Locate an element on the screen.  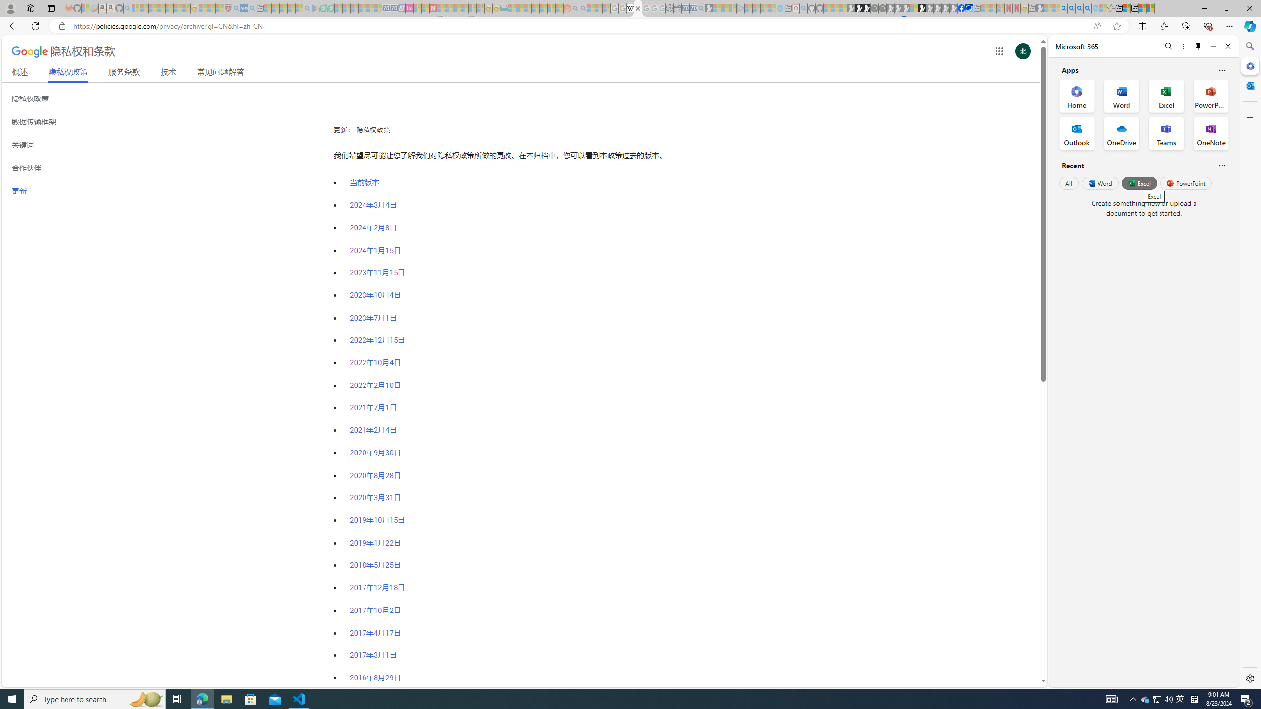
'AirNow.gov' is located at coordinates (968, 8).